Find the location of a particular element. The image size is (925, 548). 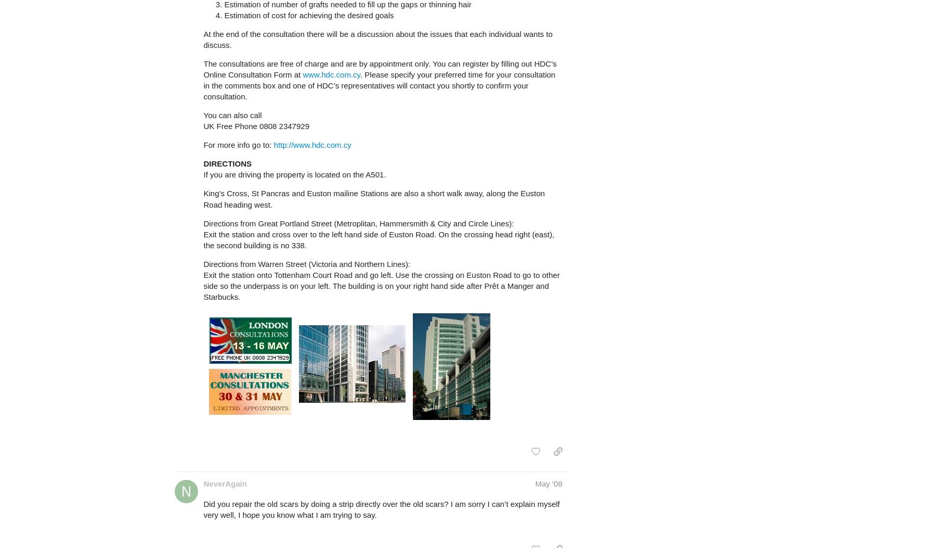

'NeverAgain' is located at coordinates (225, 482).